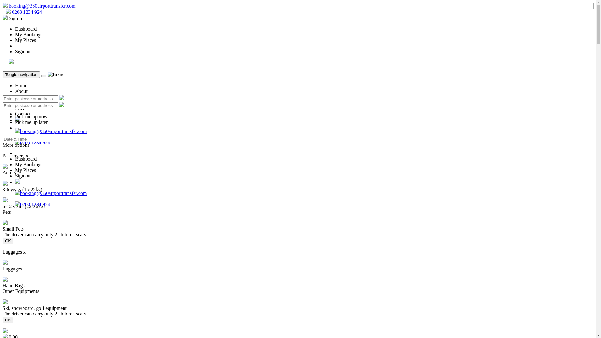  What do you see at coordinates (31, 116) in the screenshot?
I see `'Pick me up now'` at bounding box center [31, 116].